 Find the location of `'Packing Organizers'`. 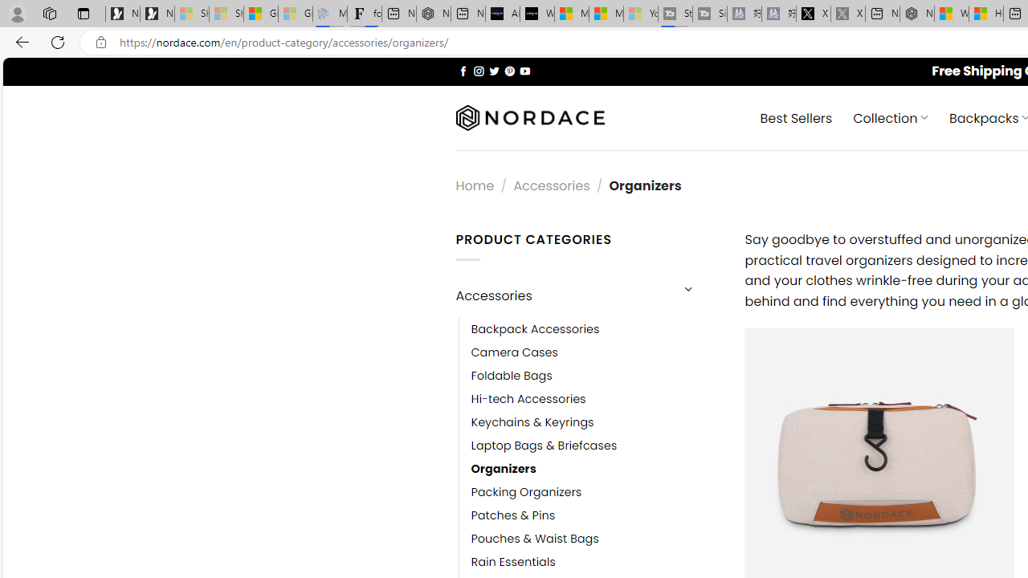

'Packing Organizers' is located at coordinates (526, 492).